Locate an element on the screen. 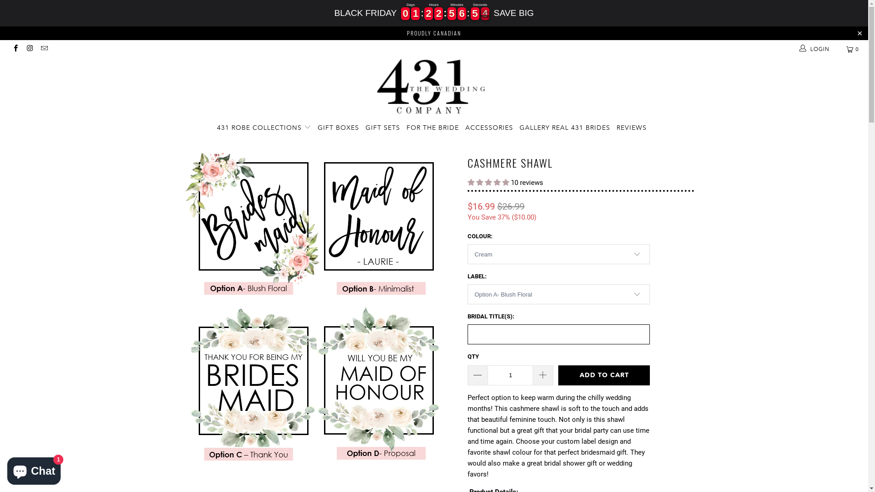  '4 is located at coordinates (452, 14).